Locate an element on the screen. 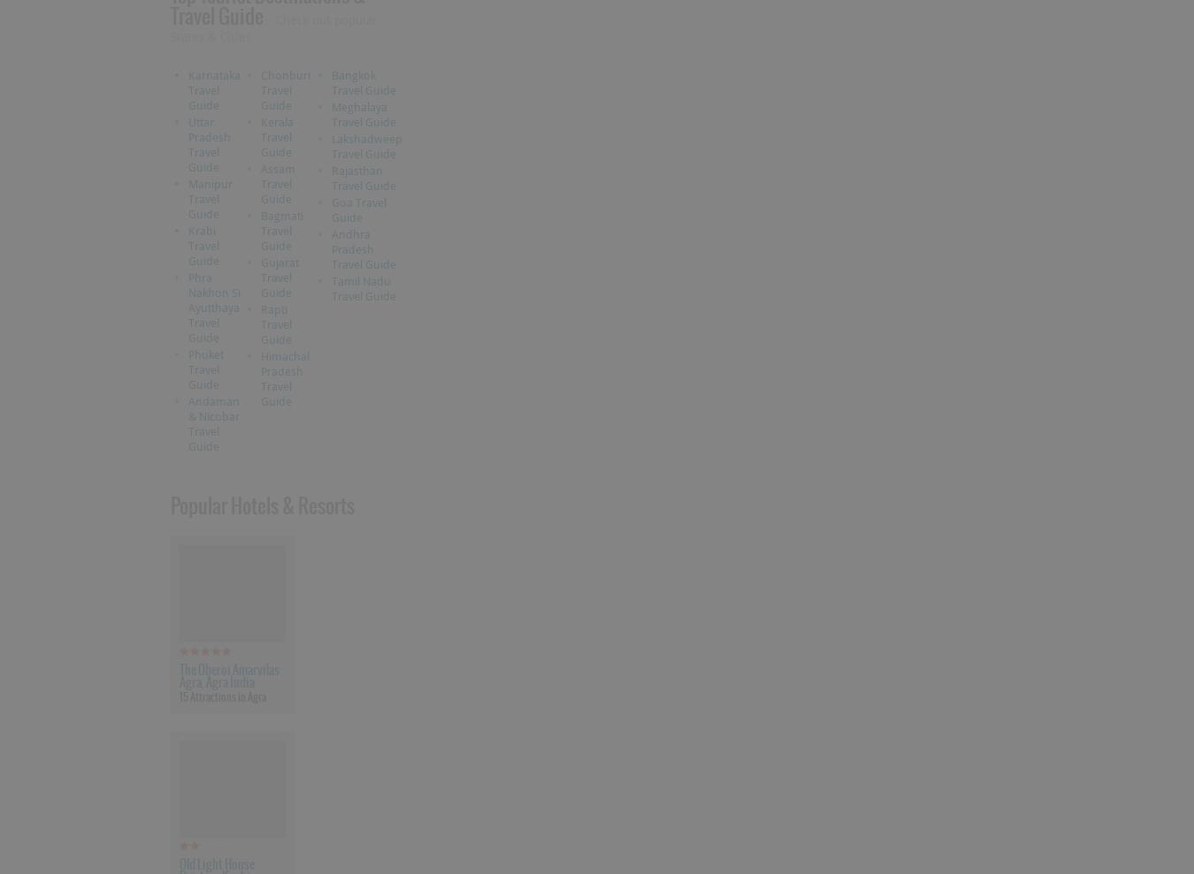 The height and width of the screenshot is (874, 1194). 'Phra Nakhon Si Ayutthaya Travel Guide' is located at coordinates (212, 306).